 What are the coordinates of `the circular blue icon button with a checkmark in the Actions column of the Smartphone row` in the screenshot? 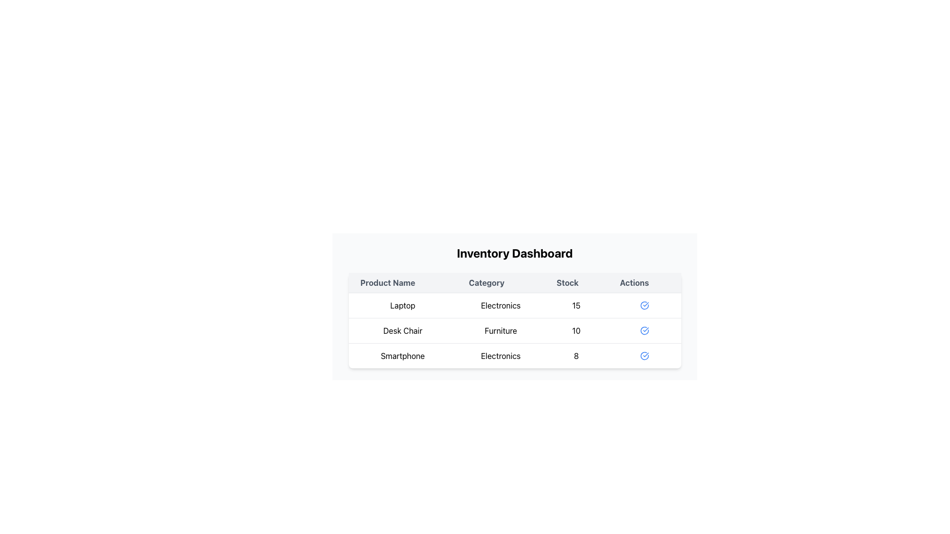 It's located at (644, 355).